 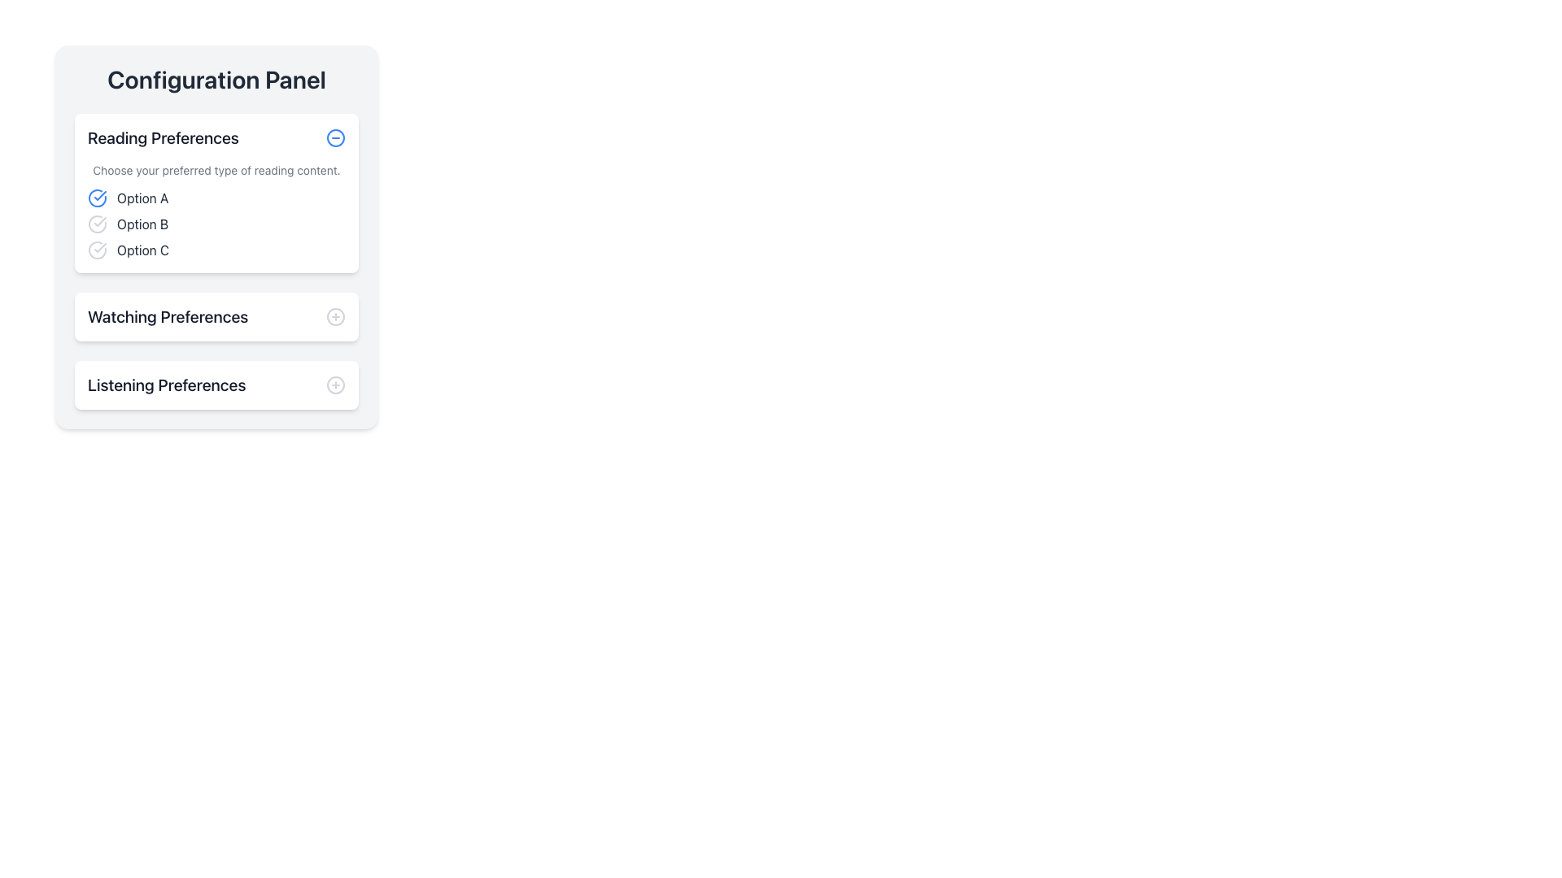 What do you see at coordinates (168, 316) in the screenshot?
I see `the text label indicating 'Watching Preferences' section in the Configuration Panel, located between 'Reading Preferences' and 'Listening Preferences'` at bounding box center [168, 316].